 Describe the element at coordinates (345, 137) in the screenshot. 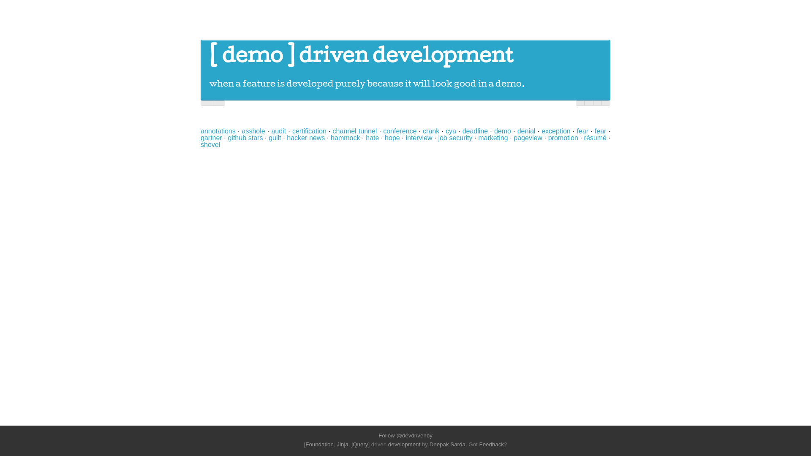

I see `'hammock'` at that location.